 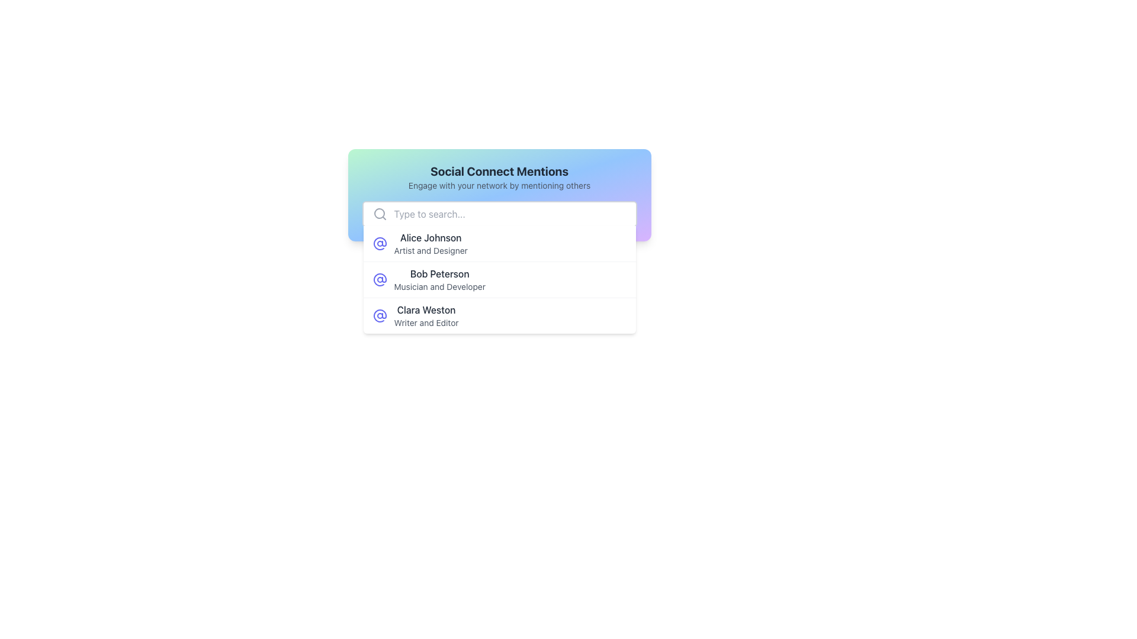 What do you see at coordinates (380, 243) in the screenshot?
I see `the circular indigo '@' icon located to the left of 'Alice Johnson' in the 'Social Connect Mentions' section` at bounding box center [380, 243].